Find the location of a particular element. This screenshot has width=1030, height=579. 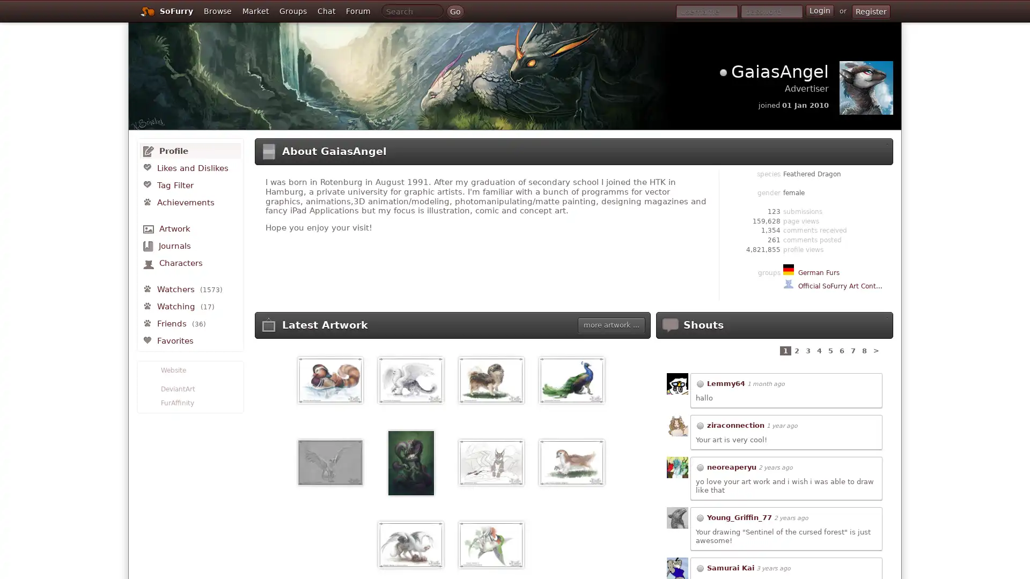

Login is located at coordinates (819, 10).